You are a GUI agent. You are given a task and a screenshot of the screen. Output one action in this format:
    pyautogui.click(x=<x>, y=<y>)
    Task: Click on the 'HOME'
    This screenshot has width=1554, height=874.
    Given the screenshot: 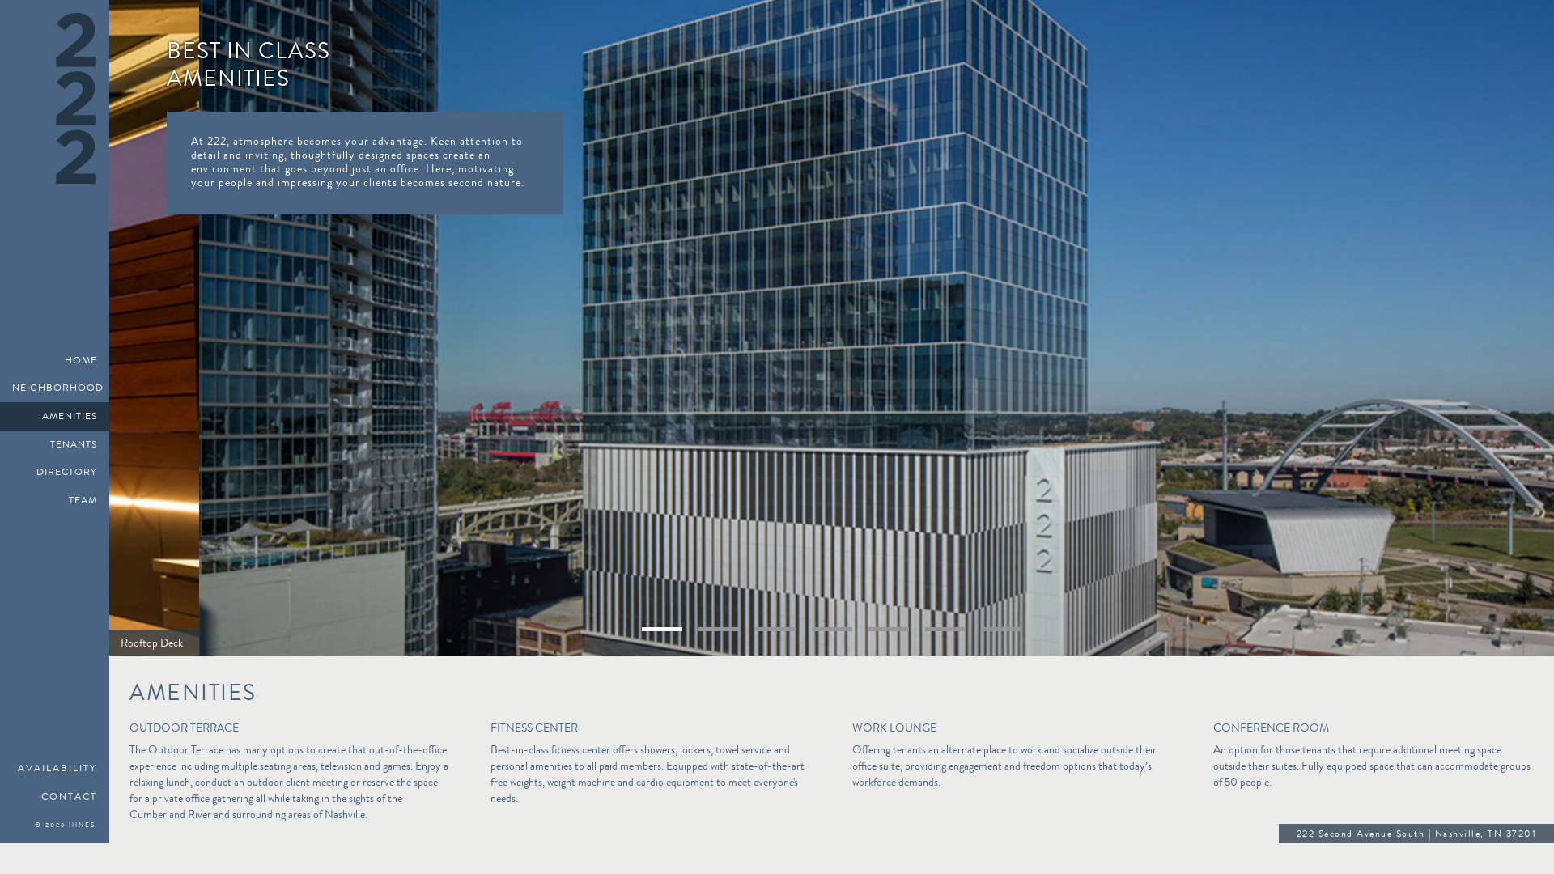 What is the action you would take?
    pyautogui.click(x=54, y=359)
    